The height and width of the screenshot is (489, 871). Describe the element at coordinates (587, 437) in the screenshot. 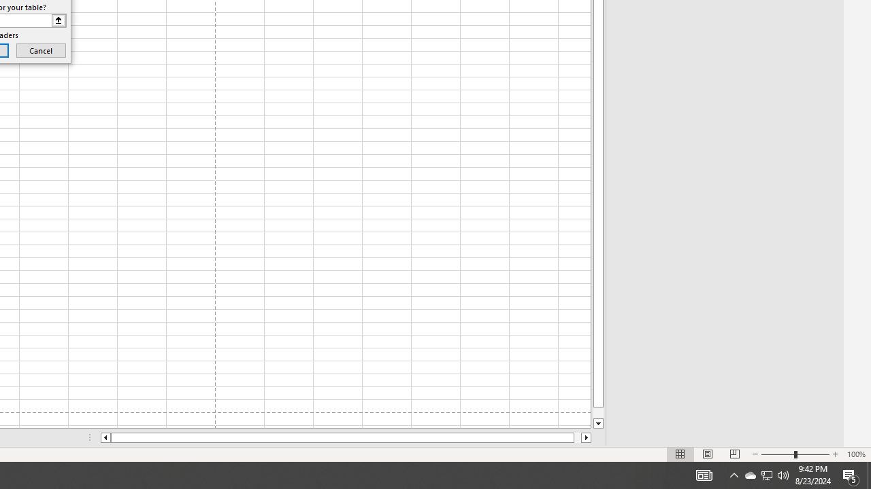

I see `'Column right'` at that location.